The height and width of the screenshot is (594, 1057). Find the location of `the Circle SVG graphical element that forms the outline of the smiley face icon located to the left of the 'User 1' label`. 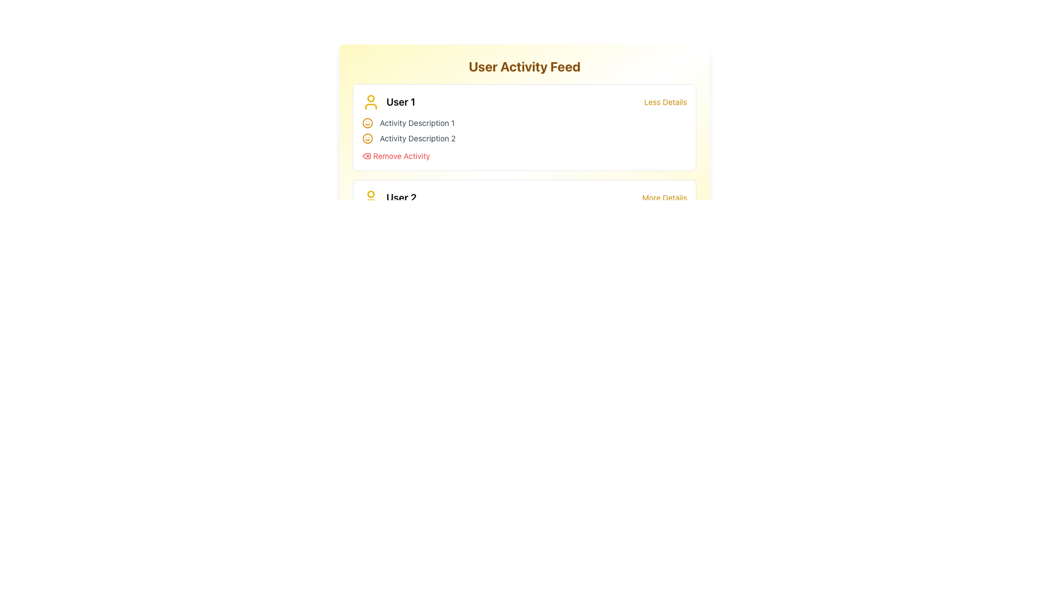

the Circle SVG graphical element that forms the outline of the smiley face icon located to the left of the 'User 1' label is located at coordinates (367, 137).